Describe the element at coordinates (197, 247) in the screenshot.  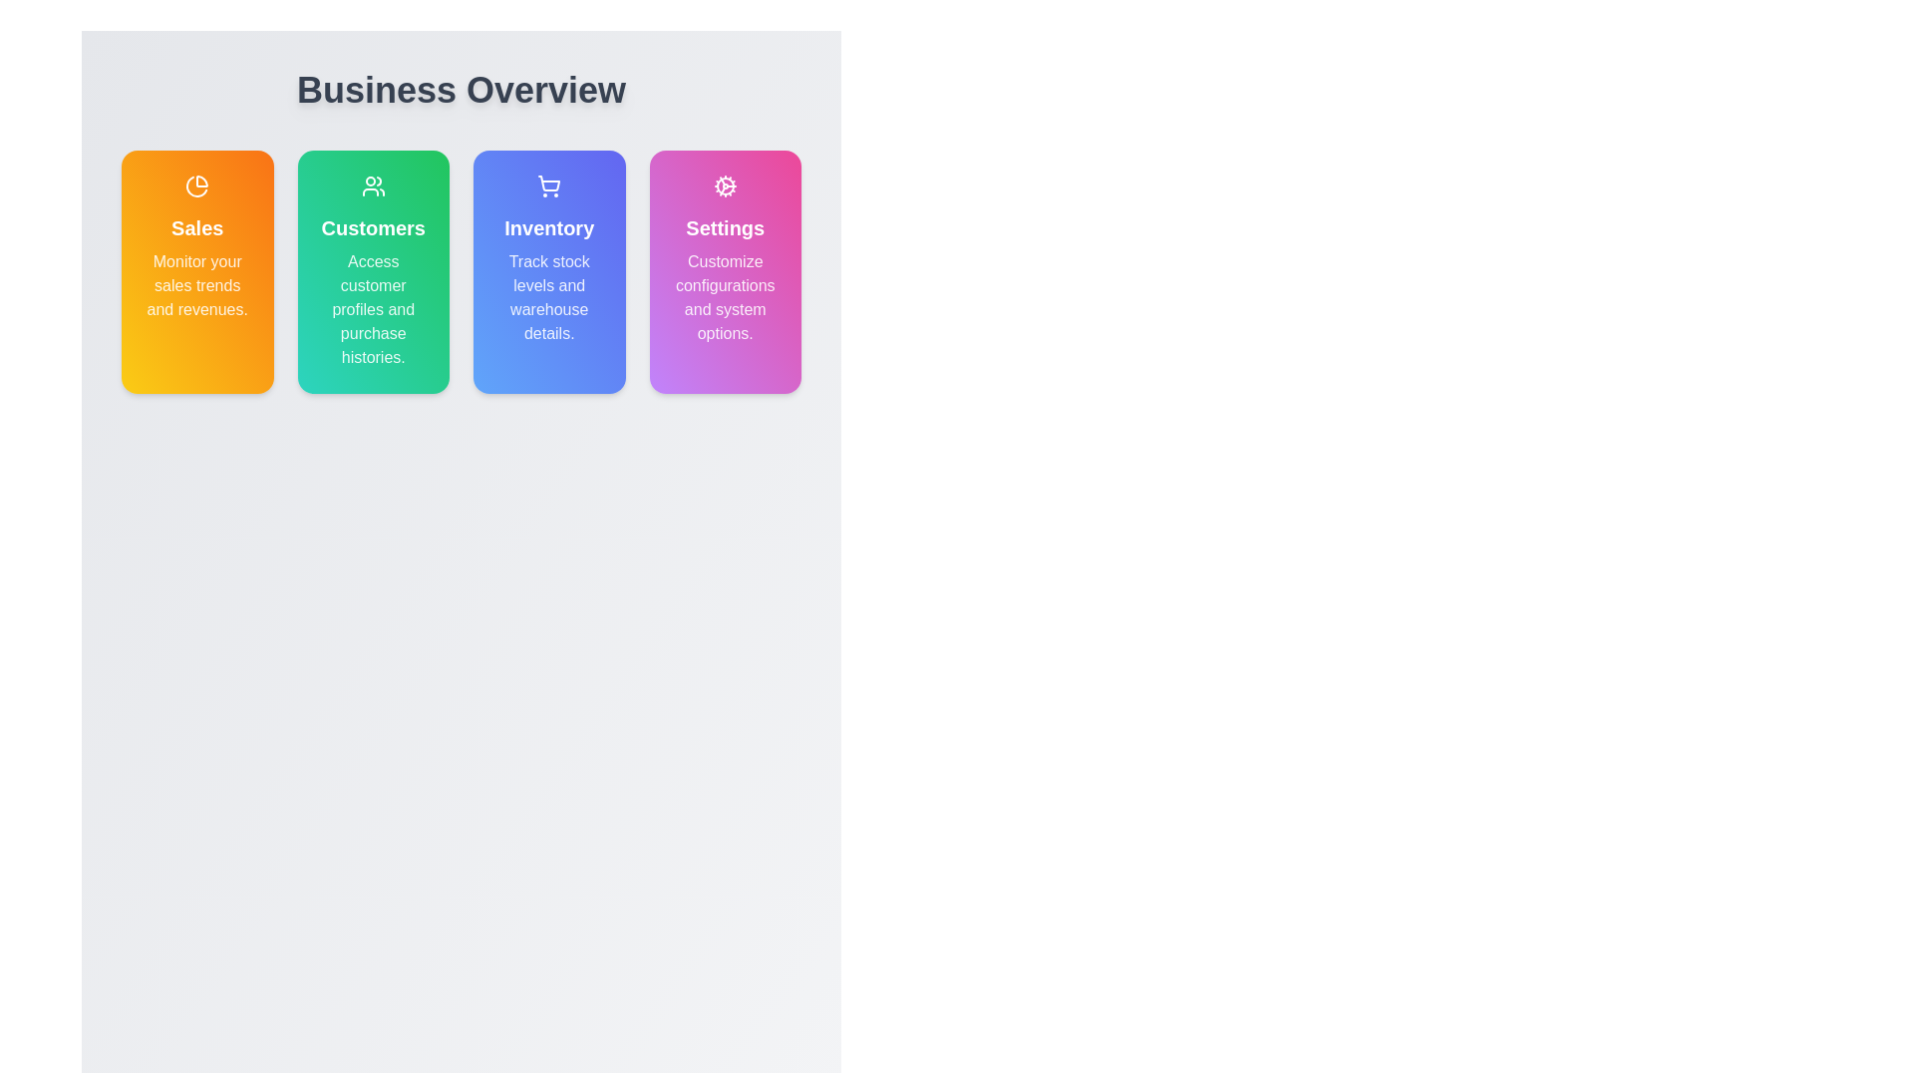
I see `the first informational card in the top row of the dashboard that provides details about monitoring sales trends and revenues` at that location.